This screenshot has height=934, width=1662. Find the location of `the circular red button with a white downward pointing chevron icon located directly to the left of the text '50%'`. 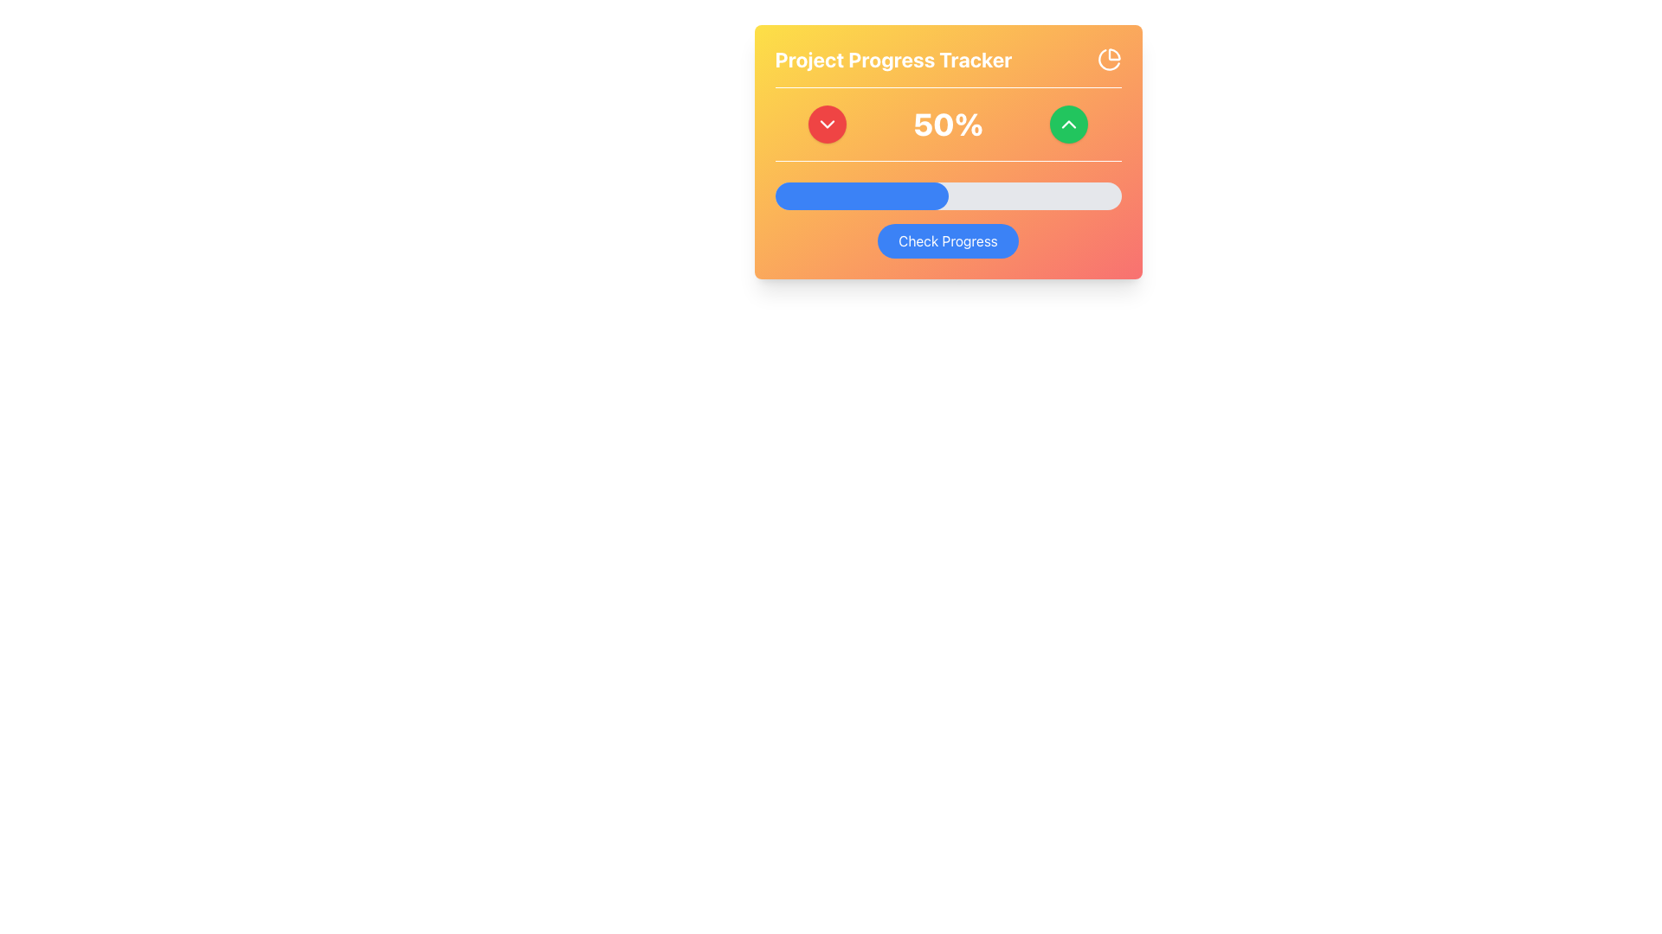

the circular red button with a white downward pointing chevron icon located directly to the left of the text '50%' is located at coordinates (826, 123).